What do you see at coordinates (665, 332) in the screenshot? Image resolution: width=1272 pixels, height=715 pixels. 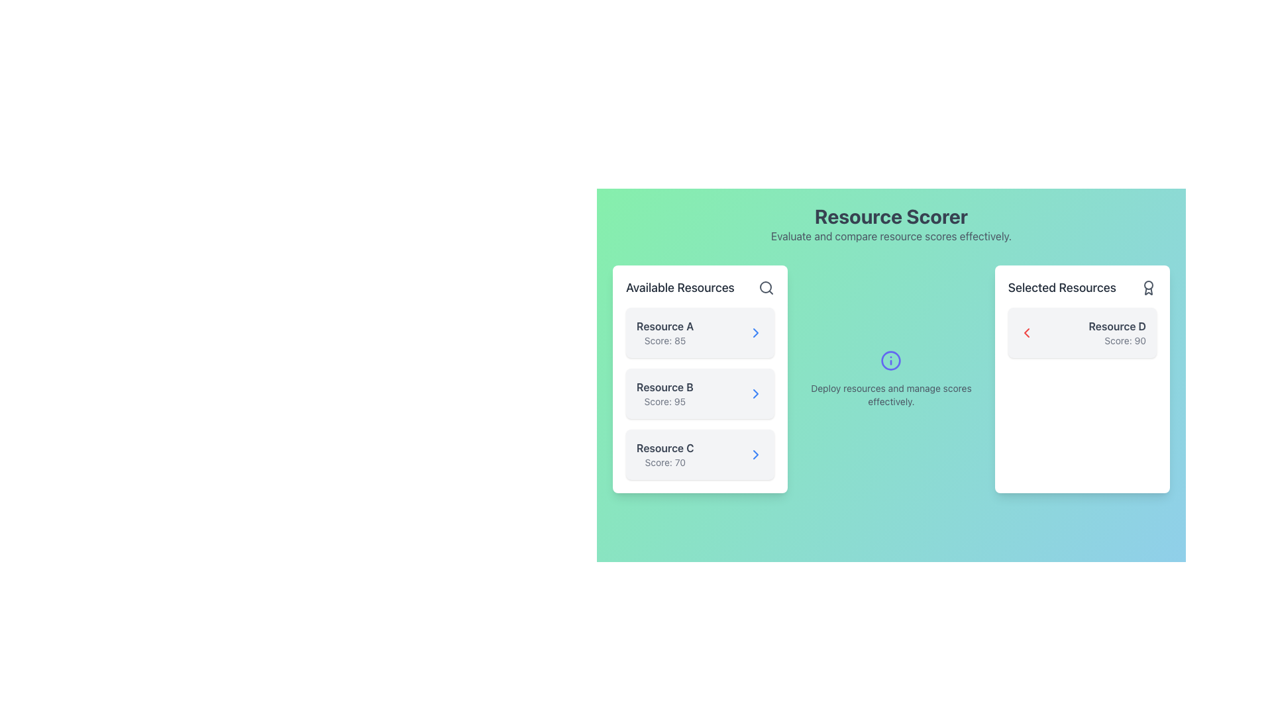 I see `text contents of the first Text Element under the 'Available Resources' section located in the left panel of the interface` at bounding box center [665, 332].